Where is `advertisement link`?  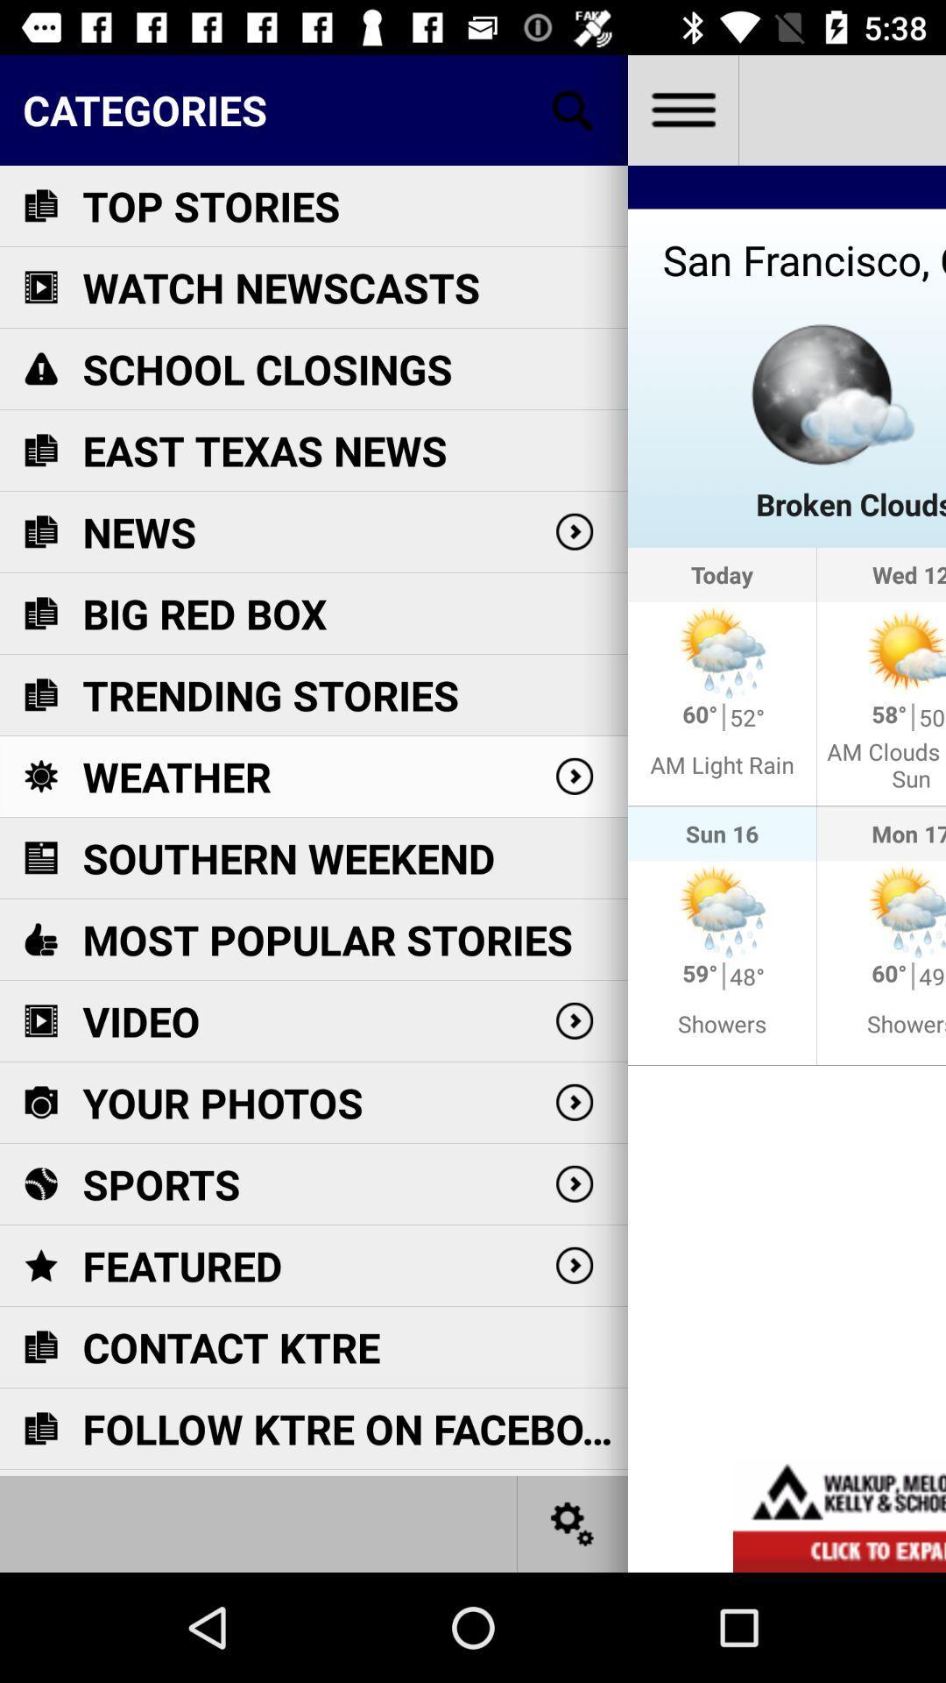 advertisement link is located at coordinates (838, 1514).